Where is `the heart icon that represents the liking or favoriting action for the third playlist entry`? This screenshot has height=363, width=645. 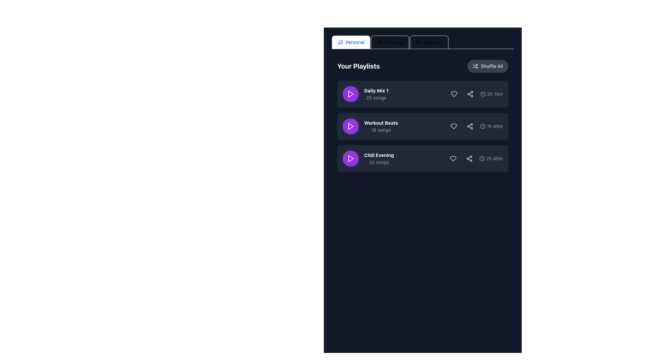 the heart icon that represents the liking or favoriting action for the third playlist entry is located at coordinates (453, 158).